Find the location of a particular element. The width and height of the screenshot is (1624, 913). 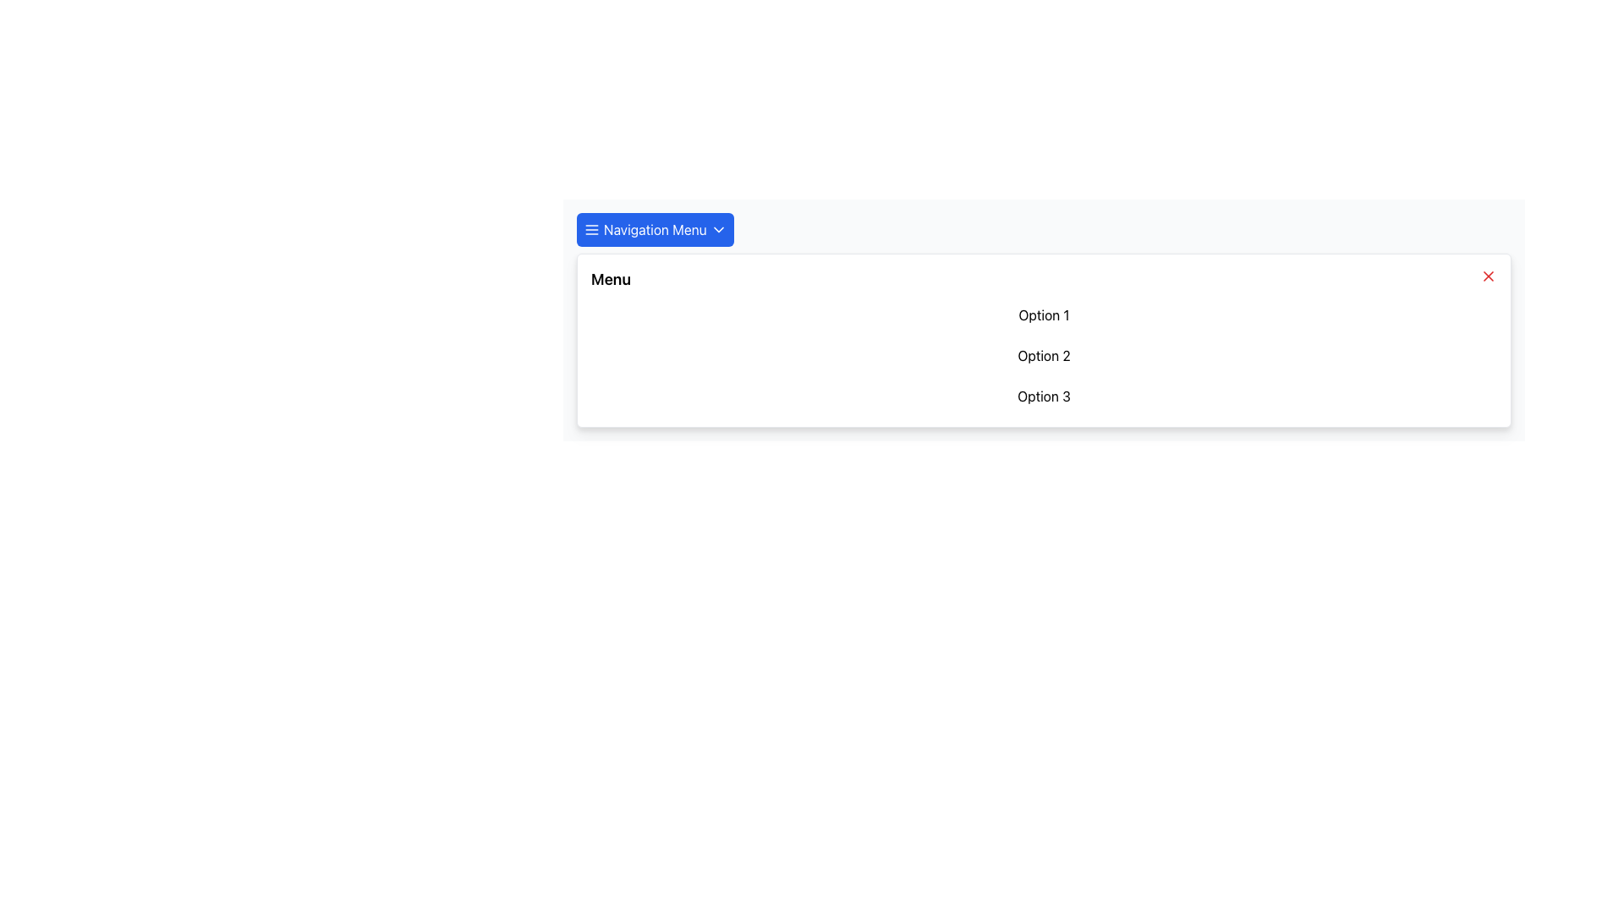

the downward-pointing Chevron Icon (Indicator) next to the 'Navigation Menu' text is located at coordinates (718, 230).